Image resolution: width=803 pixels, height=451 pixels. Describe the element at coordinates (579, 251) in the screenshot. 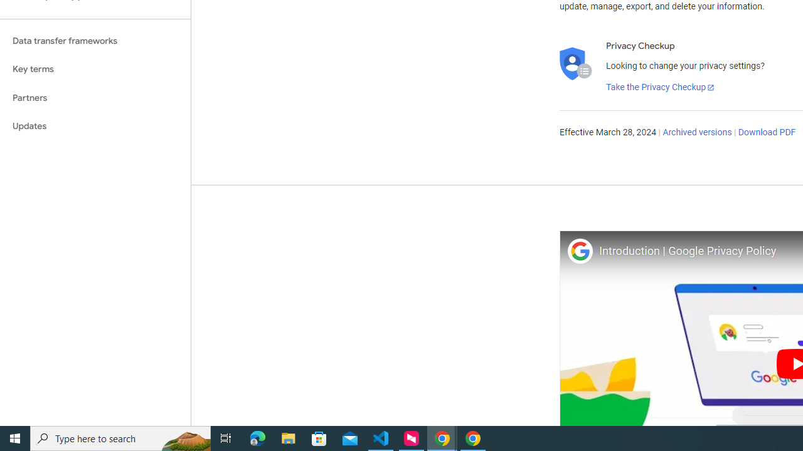

I see `'Photo image of Google'` at that location.